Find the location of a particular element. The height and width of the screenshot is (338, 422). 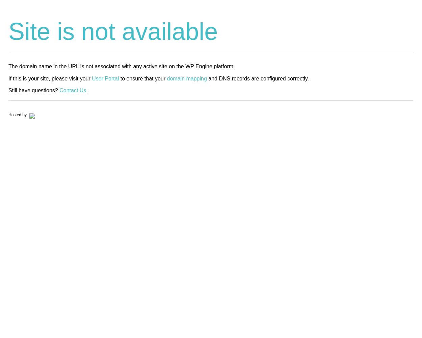

'to ensure that your' is located at coordinates (143, 78).